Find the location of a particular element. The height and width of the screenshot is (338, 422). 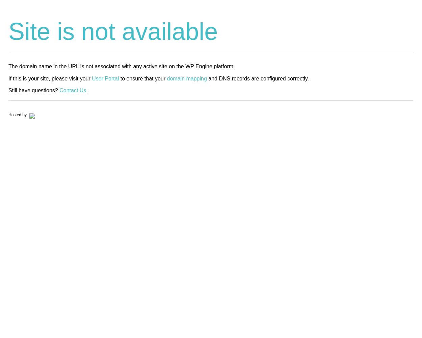

'to ensure that your' is located at coordinates (143, 78).